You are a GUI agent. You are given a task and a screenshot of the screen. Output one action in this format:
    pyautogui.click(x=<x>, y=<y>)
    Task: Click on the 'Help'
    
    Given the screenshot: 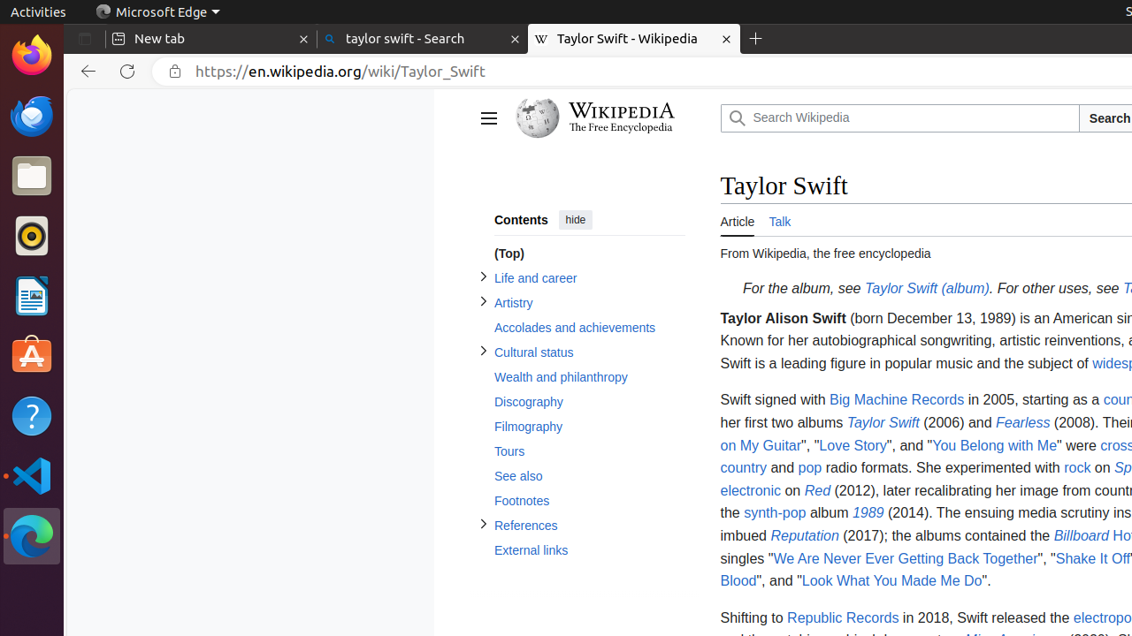 What is the action you would take?
    pyautogui.click(x=31, y=416)
    